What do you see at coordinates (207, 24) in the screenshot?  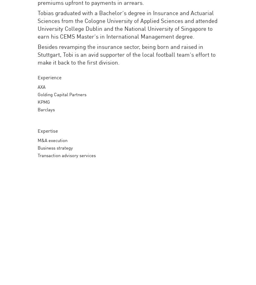 I see `'contact'` at bounding box center [207, 24].